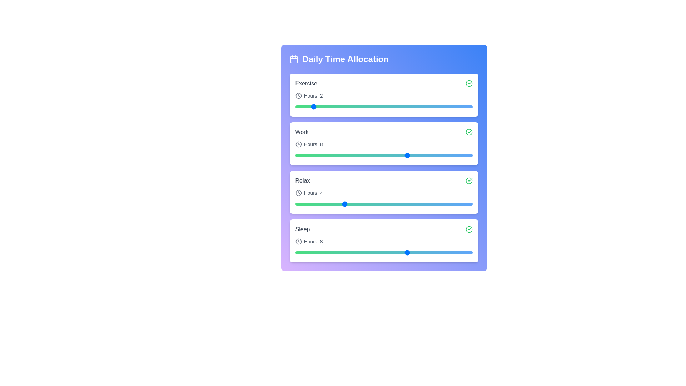 The height and width of the screenshot is (386, 686). Describe the element at coordinates (343, 107) in the screenshot. I see `the time allocation for a task by setting the slider to 4` at that location.